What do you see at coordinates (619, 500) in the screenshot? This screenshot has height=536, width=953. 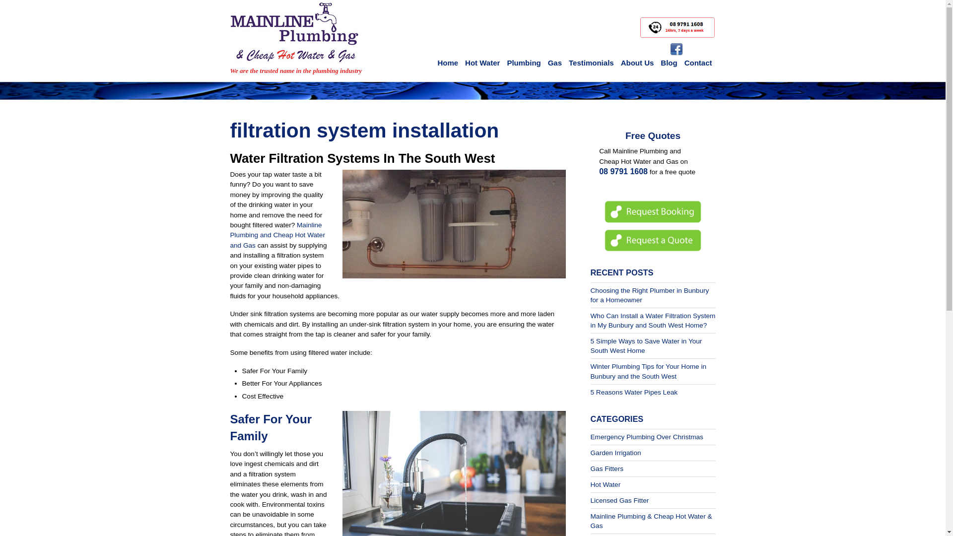 I see `'Licensed Gas Fitter'` at bounding box center [619, 500].